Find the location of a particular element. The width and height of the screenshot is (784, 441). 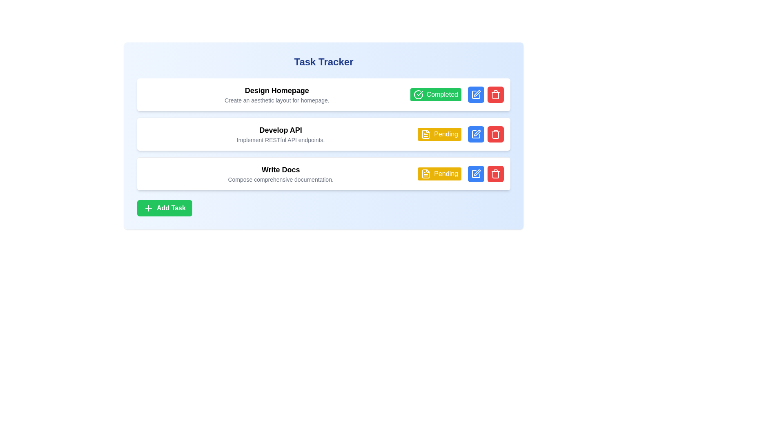

the 'Add Task' button with a bright green background and white bold text is located at coordinates (164, 207).